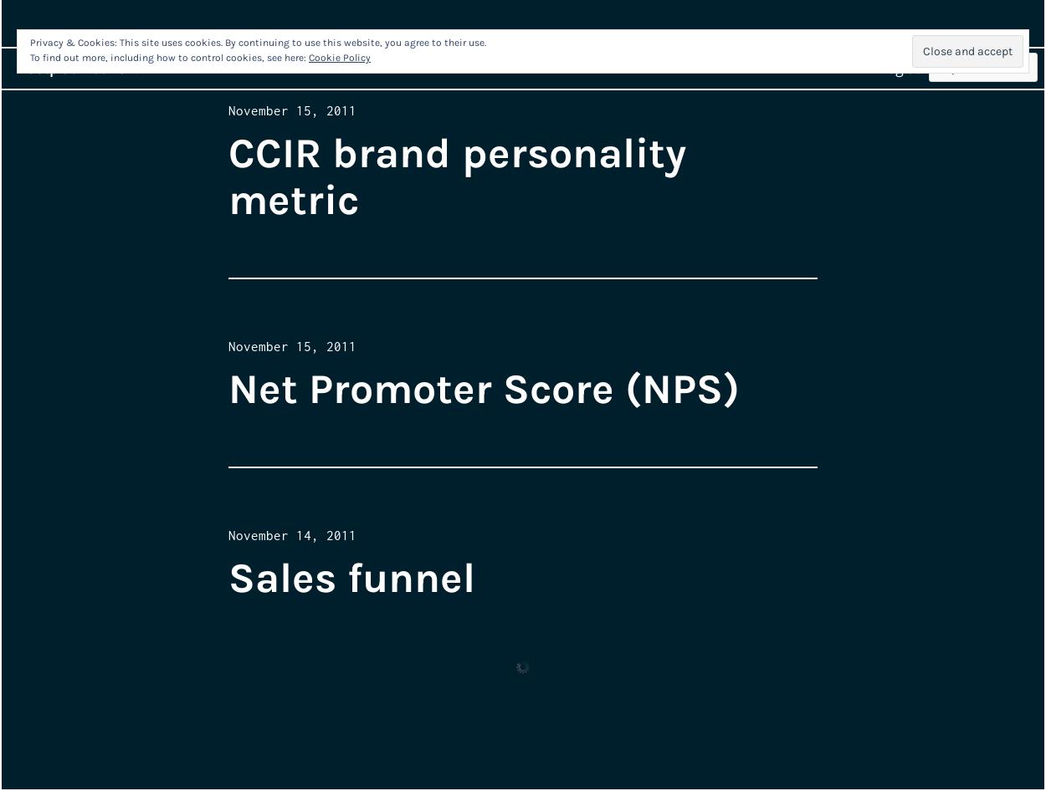 The width and height of the screenshot is (1046, 791). I want to click on 'CCIR brand personality metric', so click(457, 176).